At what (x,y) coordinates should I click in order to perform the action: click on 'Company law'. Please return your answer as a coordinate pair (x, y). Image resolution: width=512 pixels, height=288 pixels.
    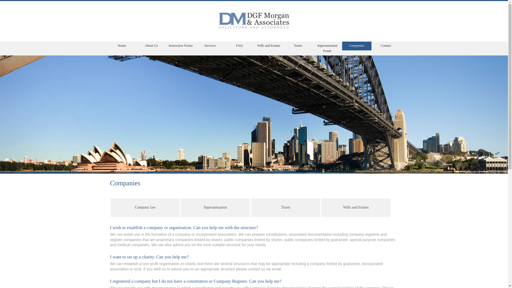
    Looking at the image, I should click on (145, 207).